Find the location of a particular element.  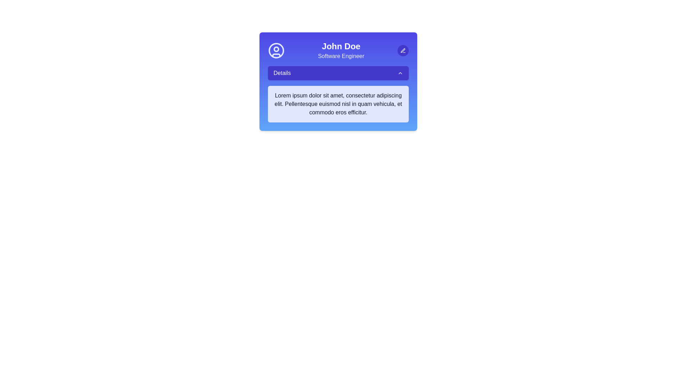

the button located at the top-right corner of the card containing the name 'John Doe' and job title 'Software Engineer' is located at coordinates (403, 50).